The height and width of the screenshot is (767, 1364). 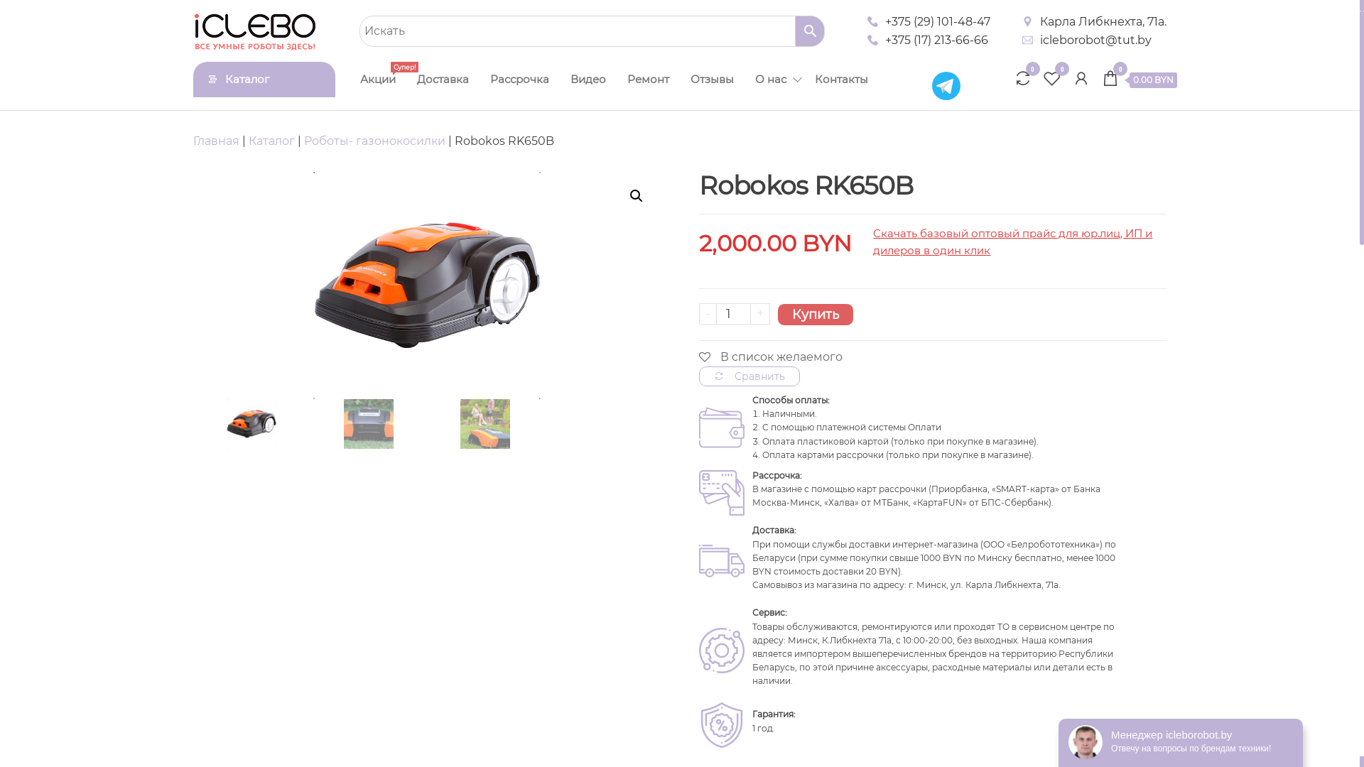 What do you see at coordinates (1095, 40) in the screenshot?
I see `'icleborobot@tut.by'` at bounding box center [1095, 40].